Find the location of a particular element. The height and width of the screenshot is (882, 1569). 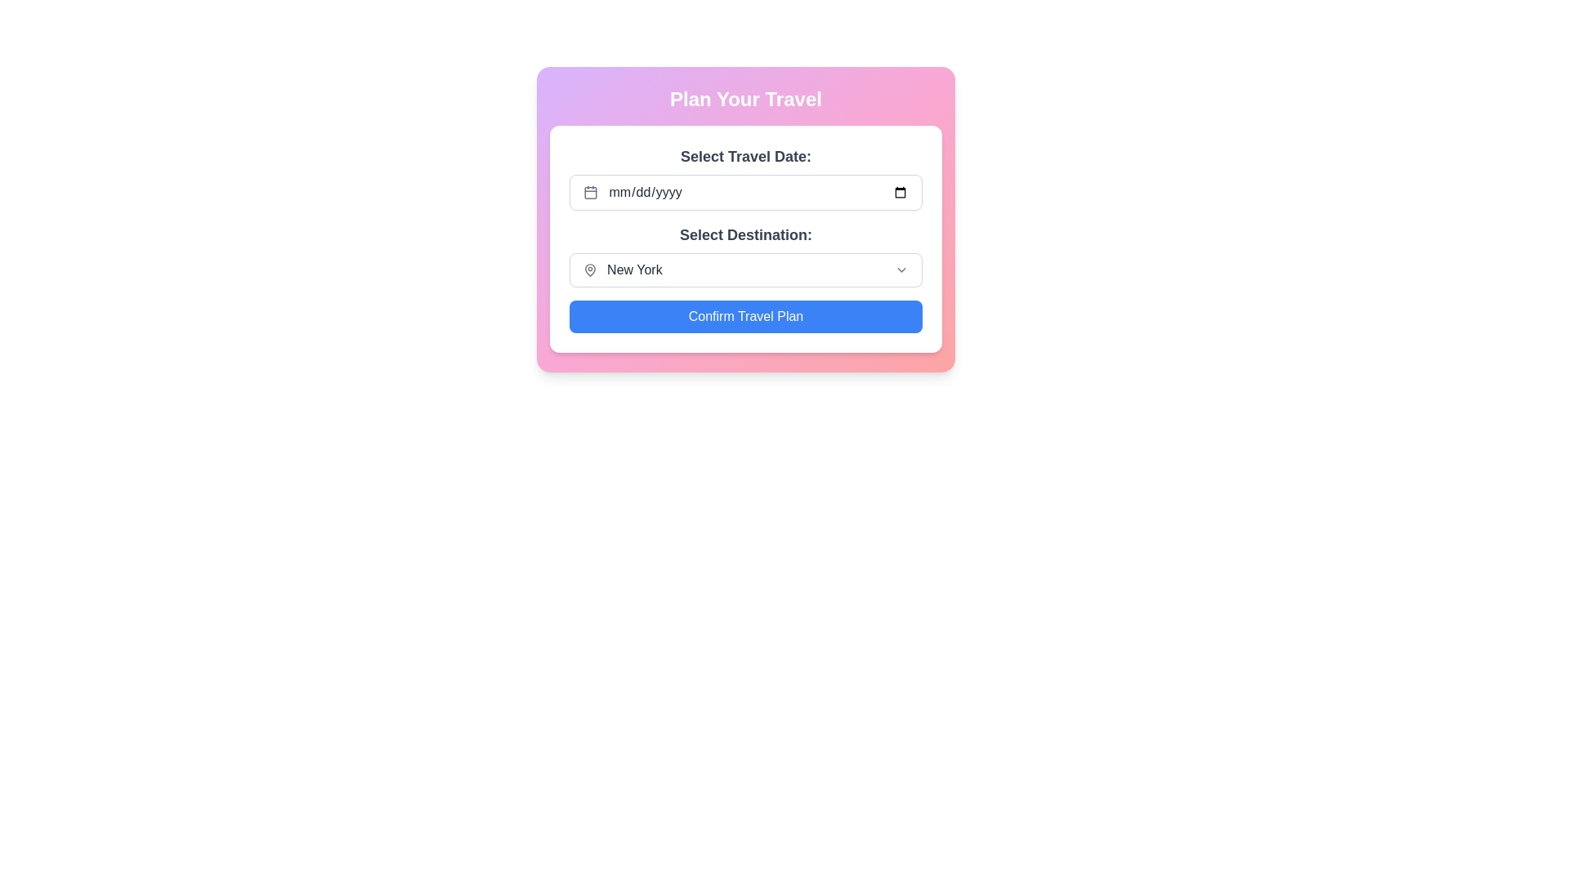

the Dropdown menu input field labeled 'Select Destination' is located at coordinates (744, 269).